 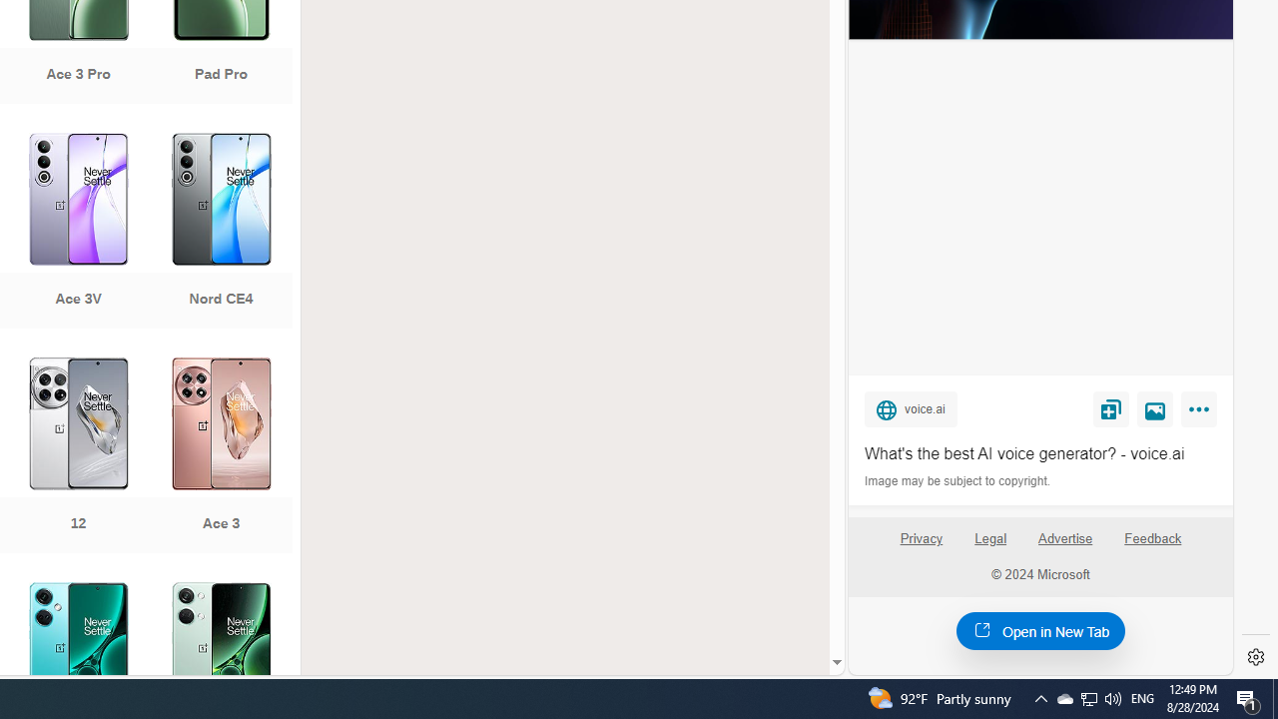 I want to click on 'View image', so click(x=1155, y=407).